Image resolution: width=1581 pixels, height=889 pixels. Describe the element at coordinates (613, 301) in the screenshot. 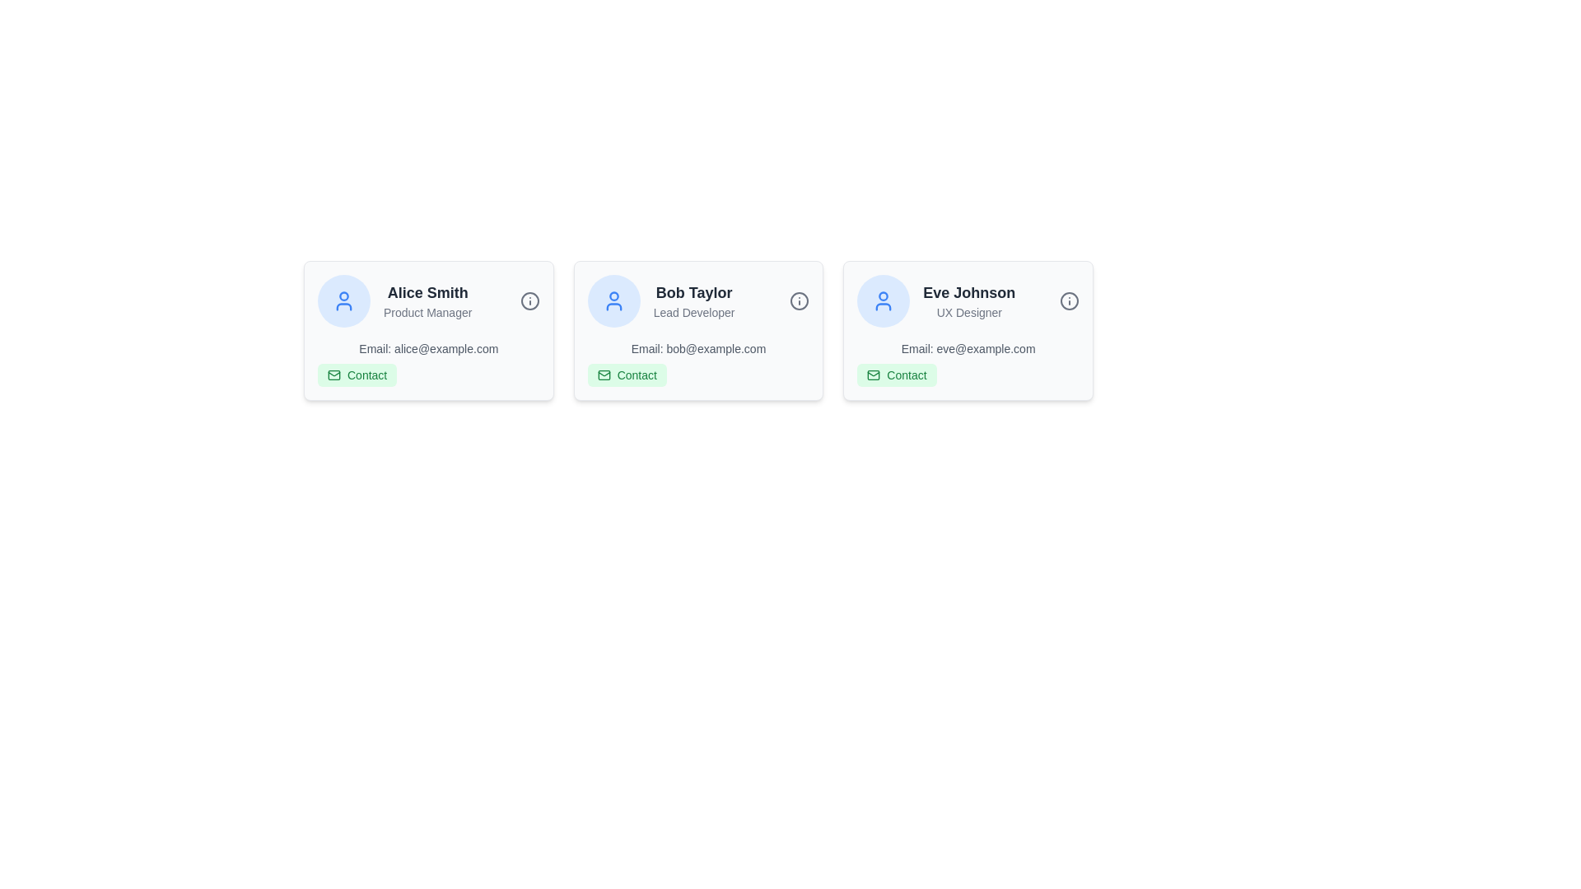

I see `the circular icon with a blue background and user silhouette located above the text 'Bob Taylor' in the second card` at that location.